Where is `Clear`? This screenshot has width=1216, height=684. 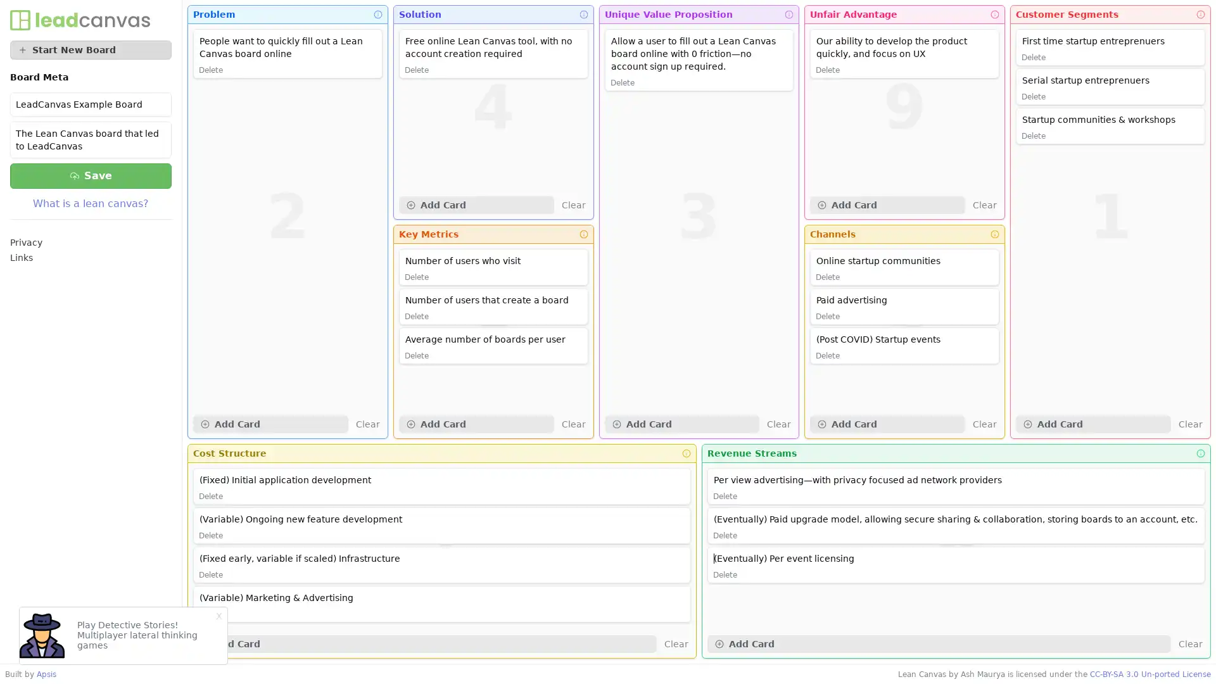
Clear is located at coordinates (984, 424).